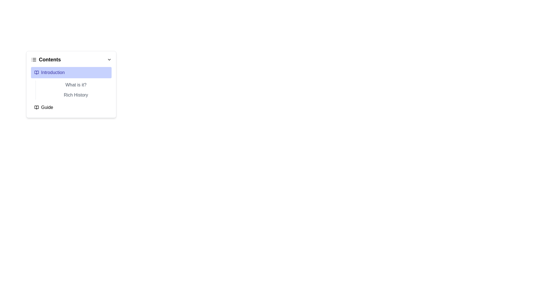 This screenshot has width=541, height=304. I want to click on the open book icon located to the immediate left of the text 'Guide' in the contents menu, so click(36, 107).